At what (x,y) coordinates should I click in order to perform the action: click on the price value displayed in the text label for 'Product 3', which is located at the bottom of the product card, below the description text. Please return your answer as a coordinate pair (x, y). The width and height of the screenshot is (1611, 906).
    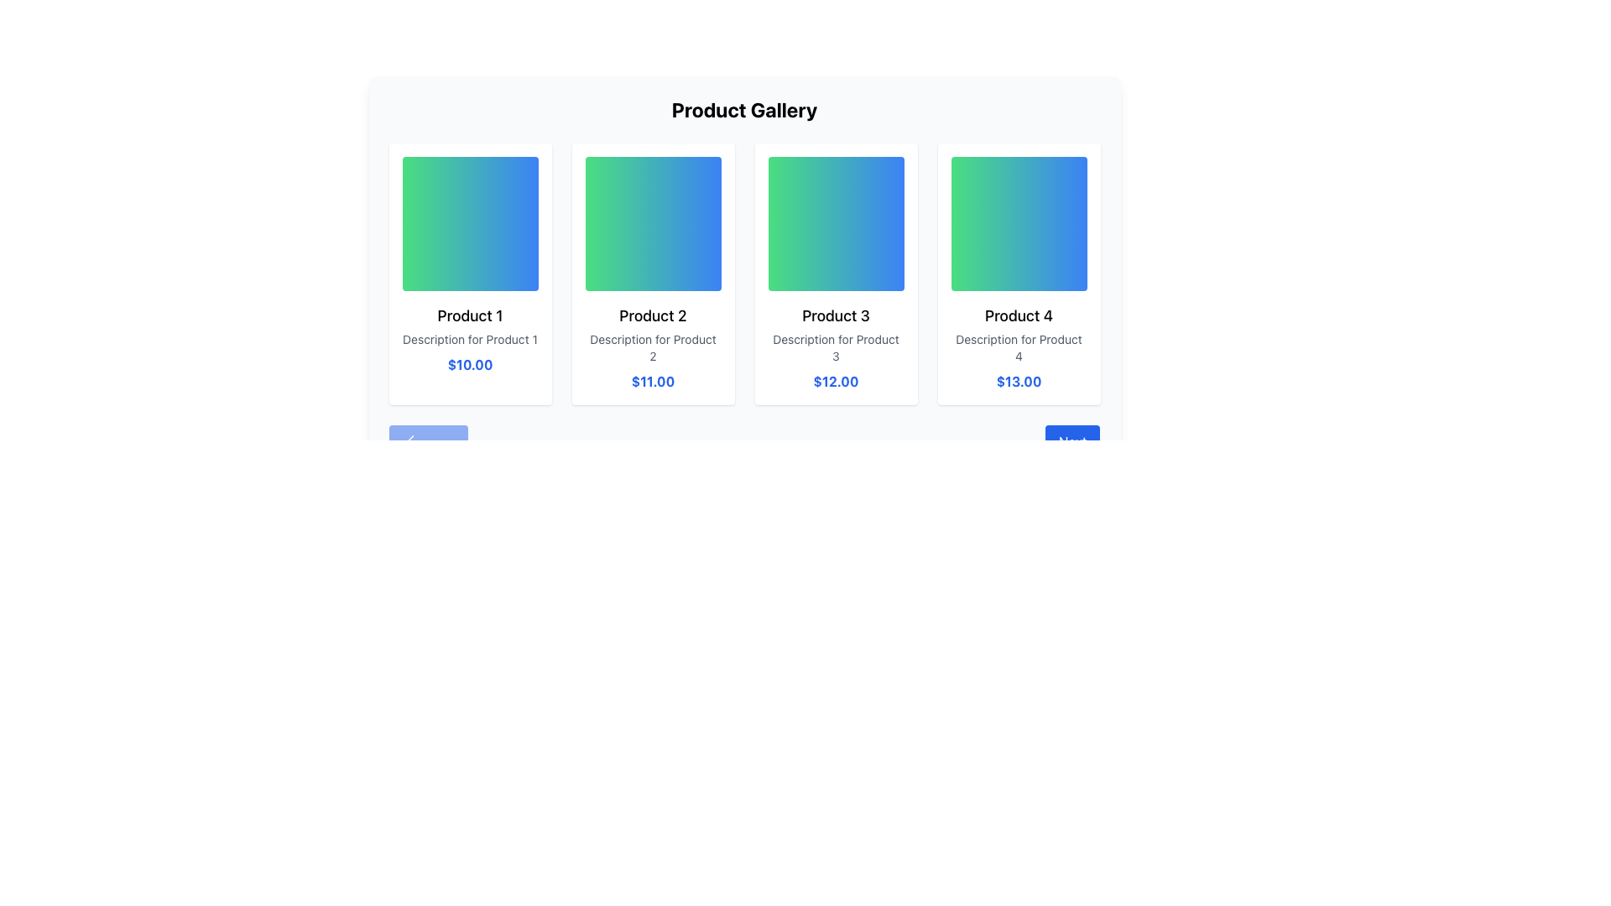
    Looking at the image, I should click on (836, 382).